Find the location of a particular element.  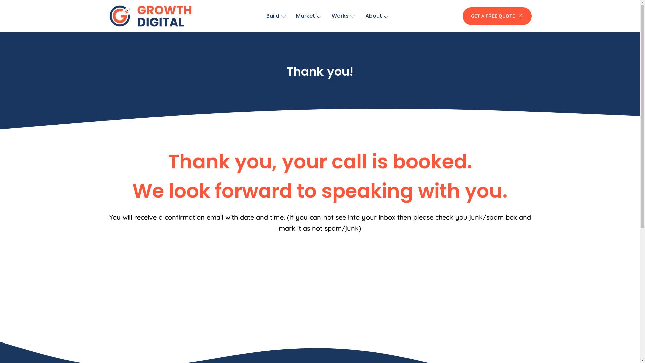

'About' is located at coordinates (377, 15).